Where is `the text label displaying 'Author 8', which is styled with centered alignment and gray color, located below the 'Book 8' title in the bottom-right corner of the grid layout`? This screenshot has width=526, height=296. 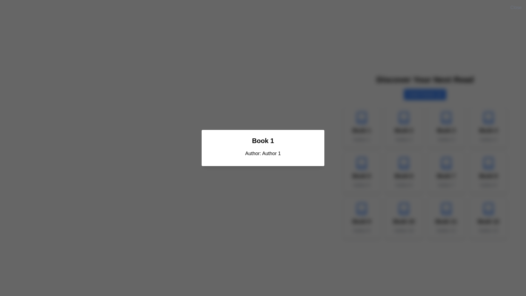 the text label displaying 'Author 8', which is styled with centered alignment and gray color, located below the 'Book 8' title in the bottom-right corner of the grid layout is located at coordinates (488, 185).